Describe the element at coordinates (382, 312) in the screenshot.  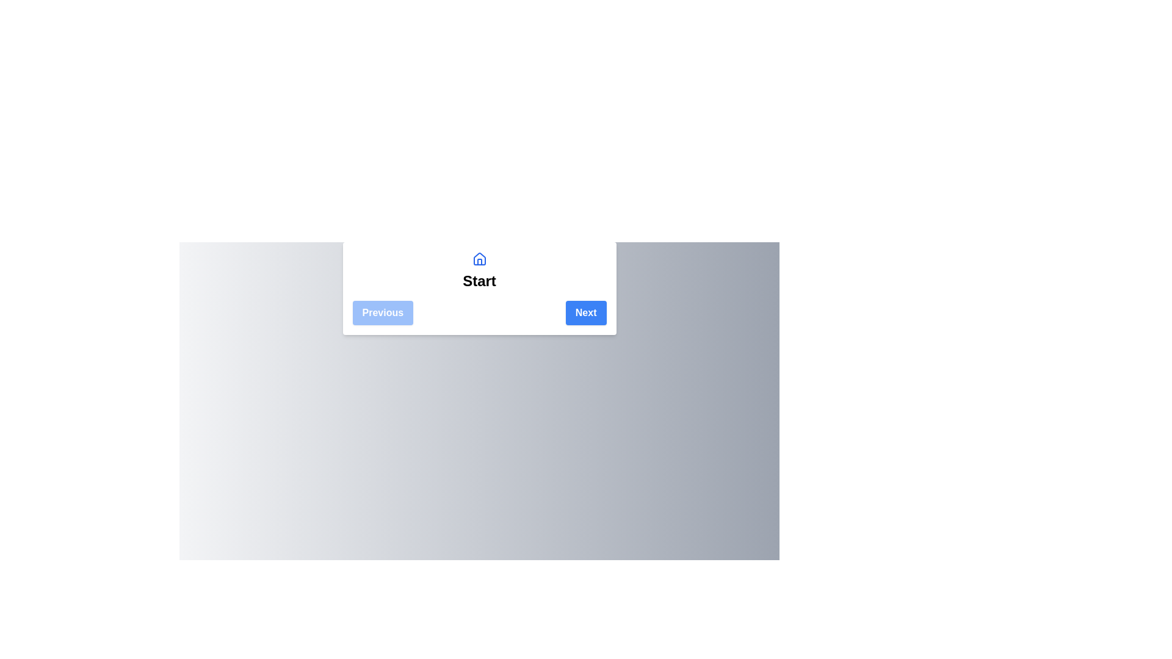
I see `the 'Previous' button, which is a rounded button with a blue background and white bold text, located to the left of the 'Next' button in the footer section` at that location.